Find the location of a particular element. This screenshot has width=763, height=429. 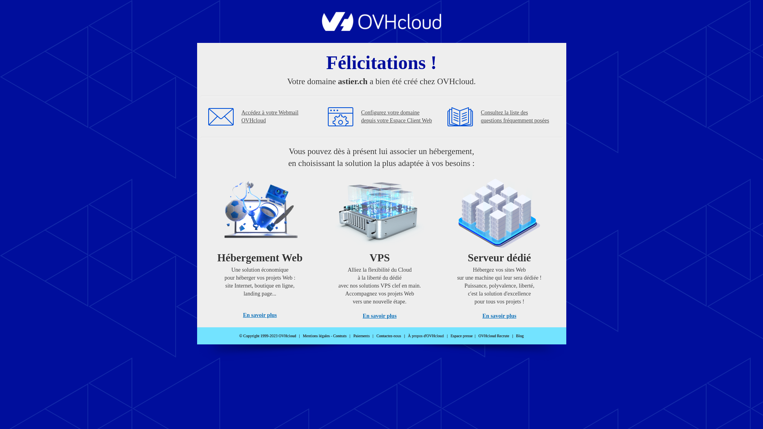

'En savoir plus' is located at coordinates (242, 315).